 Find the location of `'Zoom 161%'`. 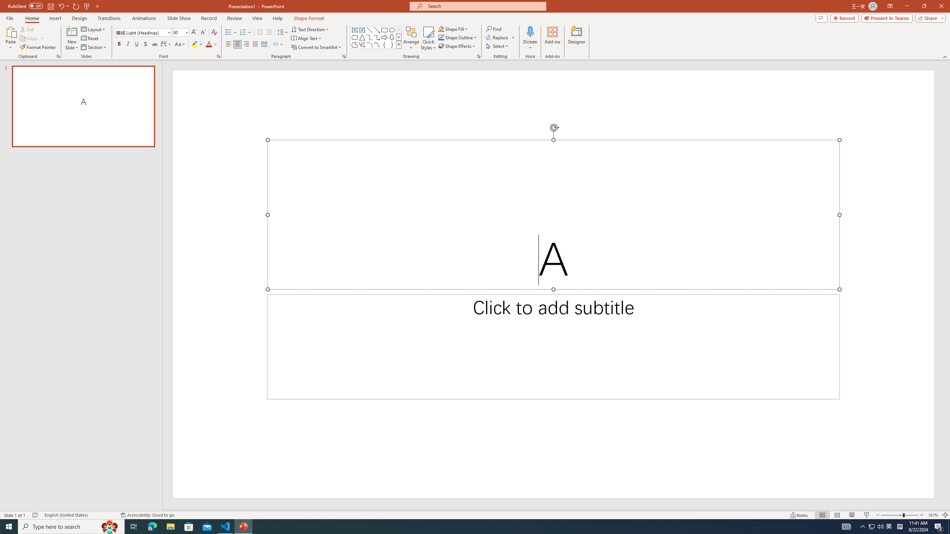

'Zoom 161%' is located at coordinates (933, 515).